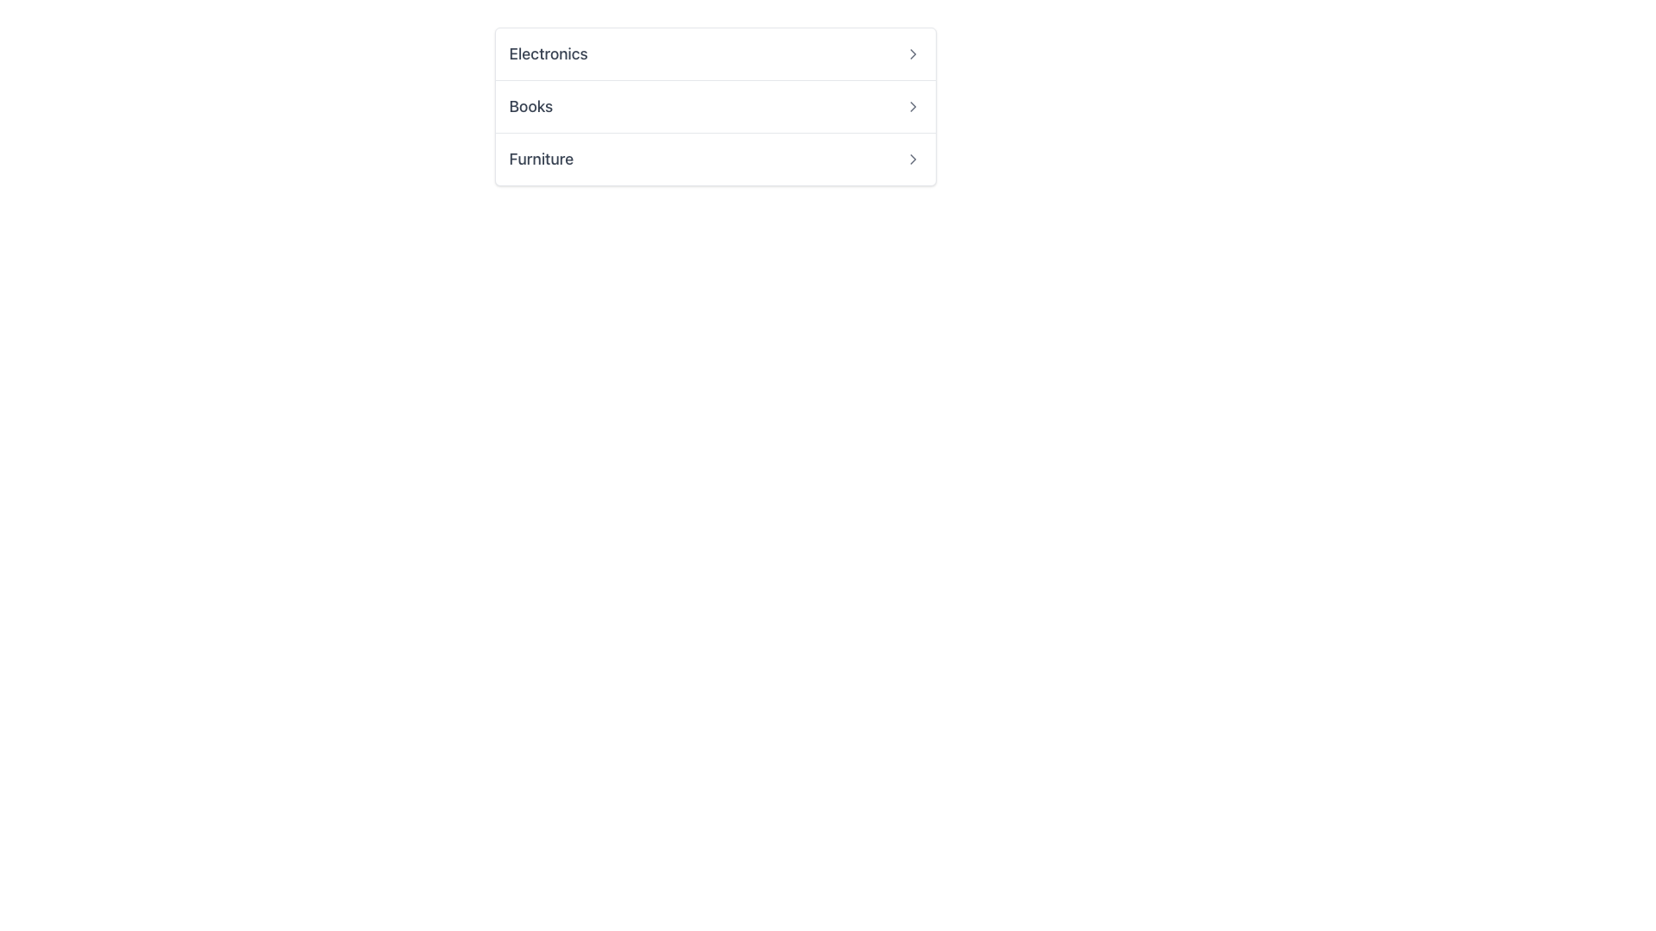 Image resolution: width=1656 pixels, height=931 pixels. I want to click on the navigation icon located to the far right of the 'Furniture' item in the vertical list, so click(912, 159).